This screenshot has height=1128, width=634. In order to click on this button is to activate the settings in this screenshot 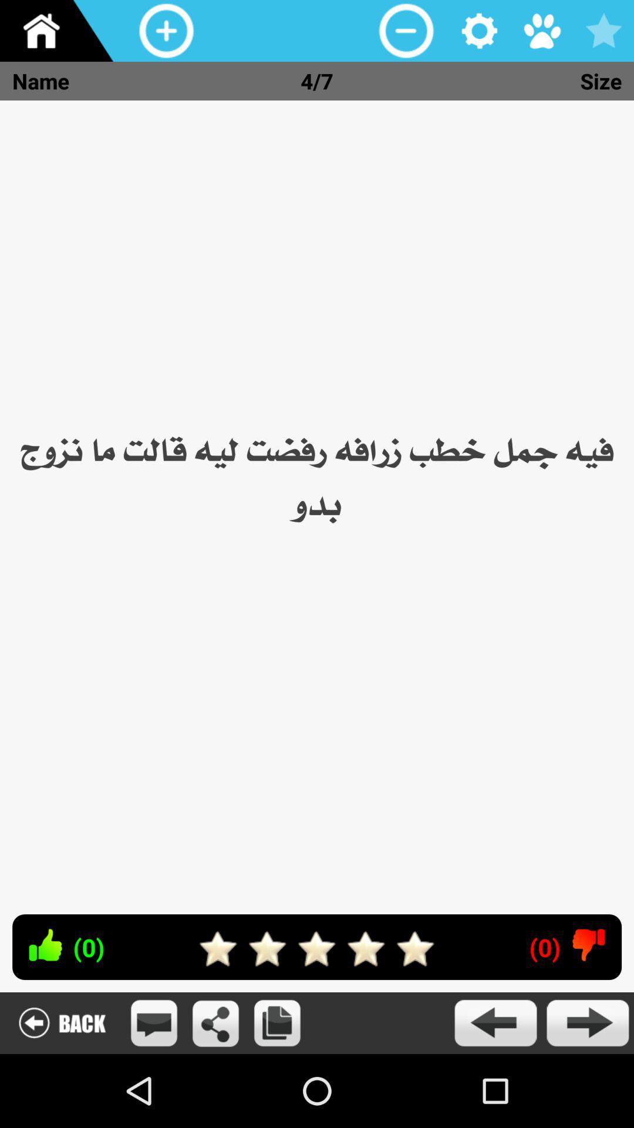, I will do `click(480, 31)`.